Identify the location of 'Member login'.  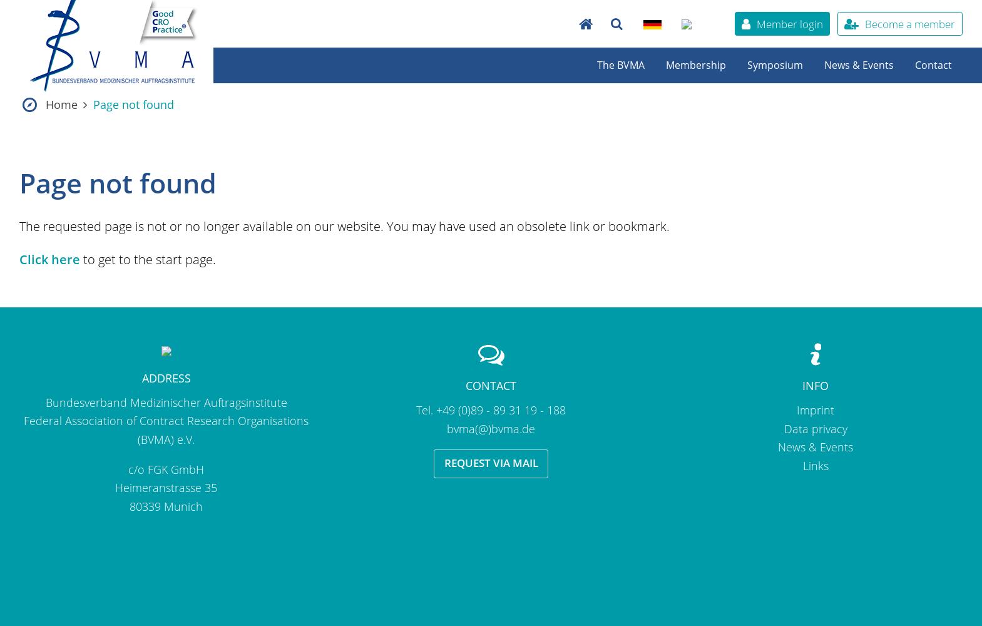
(789, 23).